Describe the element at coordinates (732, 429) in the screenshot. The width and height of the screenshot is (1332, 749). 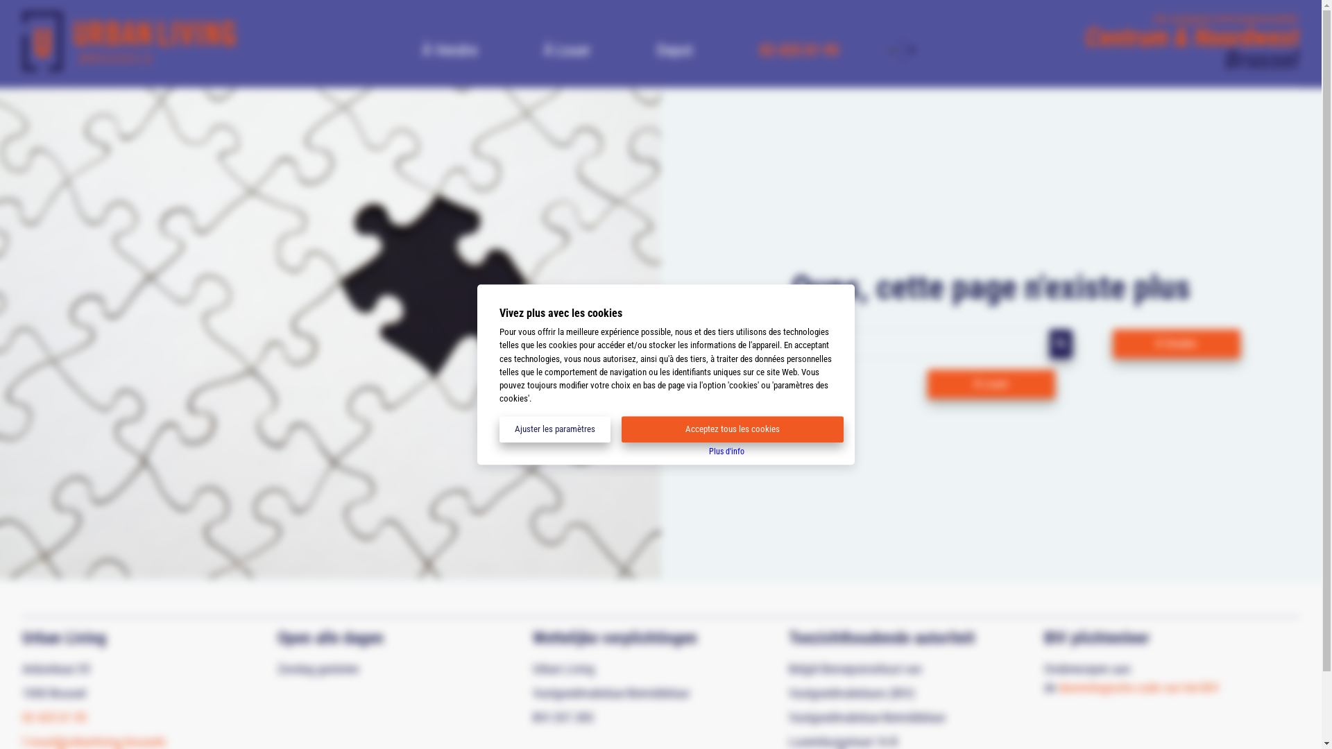
I see `'Acceptez tous les cookies'` at that location.